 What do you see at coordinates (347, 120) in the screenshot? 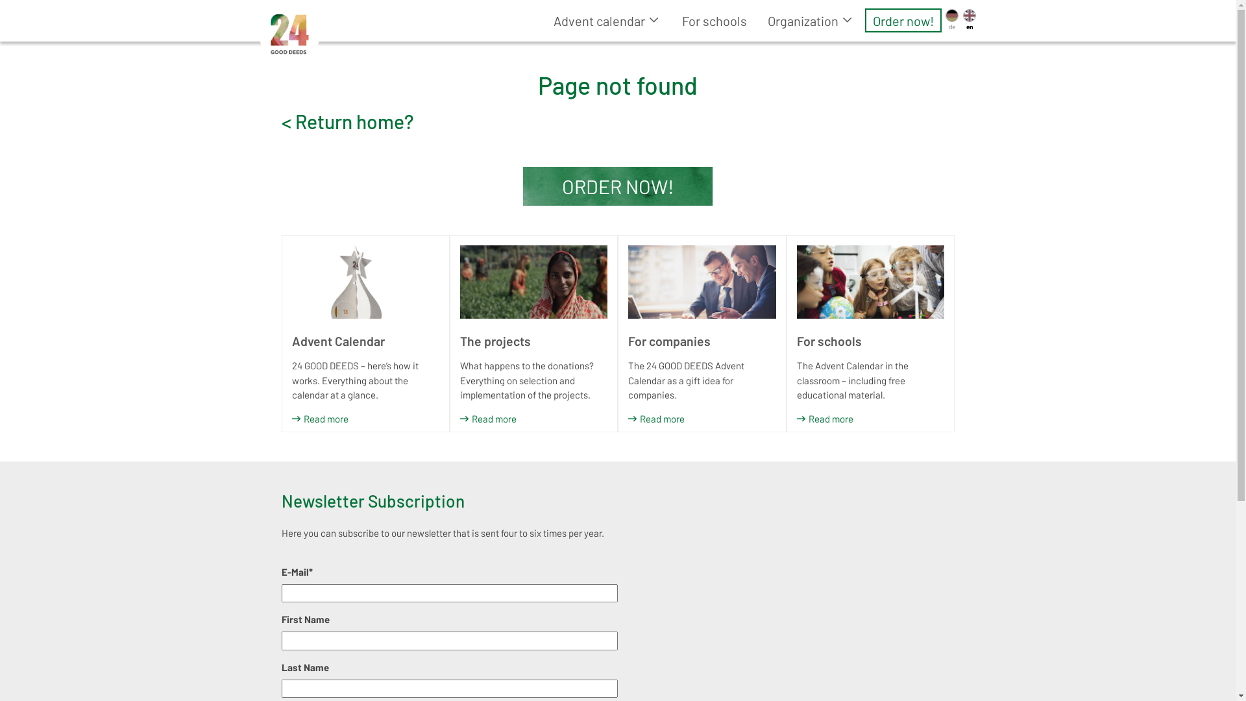
I see `'< Return home?'` at bounding box center [347, 120].